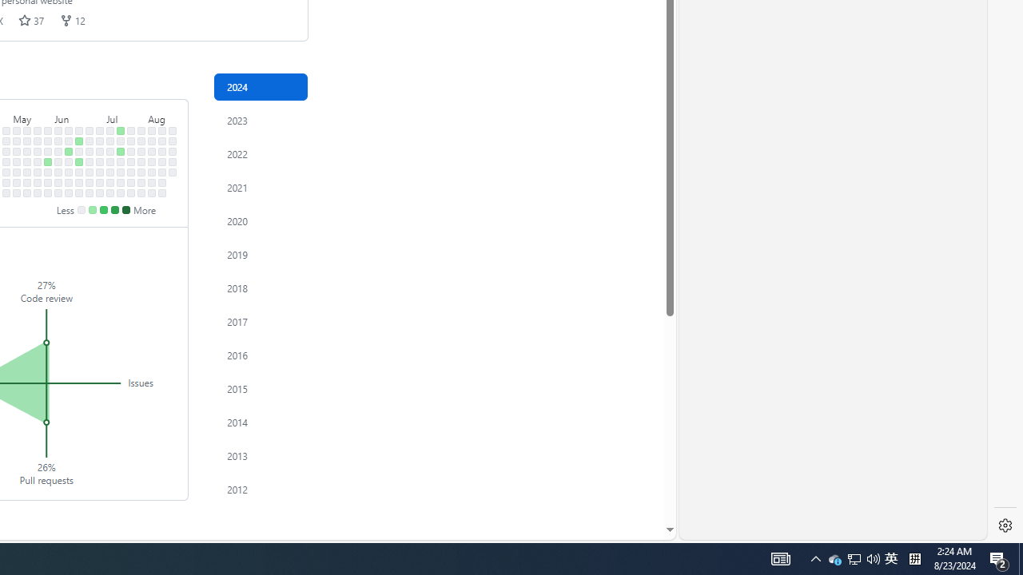 This screenshot has width=1023, height=575. I want to click on 'No contributions on May 15th.', so click(27, 161).